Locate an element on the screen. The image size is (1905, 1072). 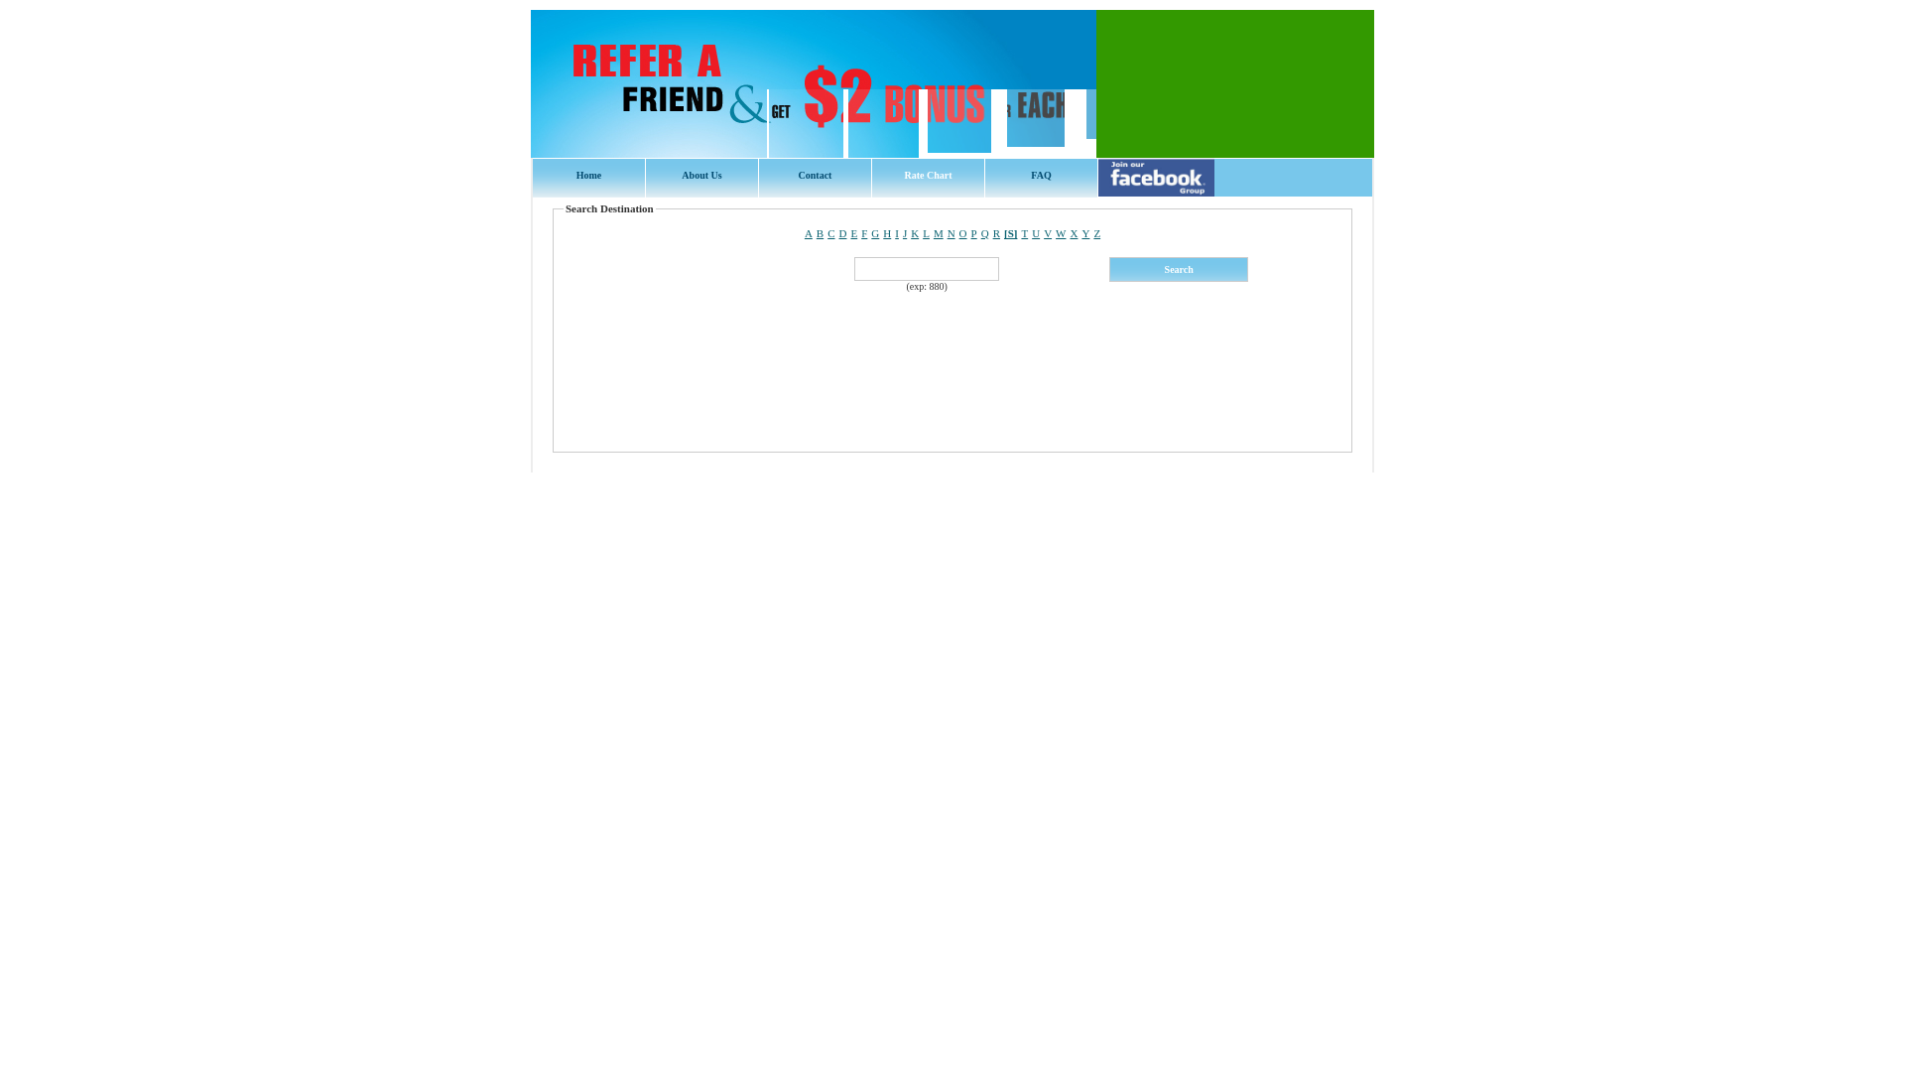
'T' is located at coordinates (1024, 232).